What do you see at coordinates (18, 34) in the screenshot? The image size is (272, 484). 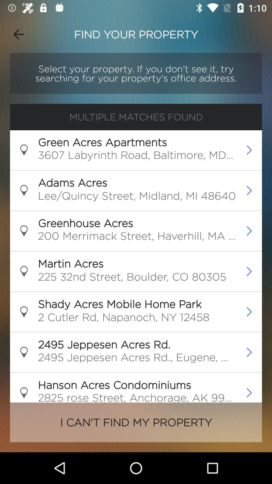 I see `the icon above the select your property icon` at bounding box center [18, 34].